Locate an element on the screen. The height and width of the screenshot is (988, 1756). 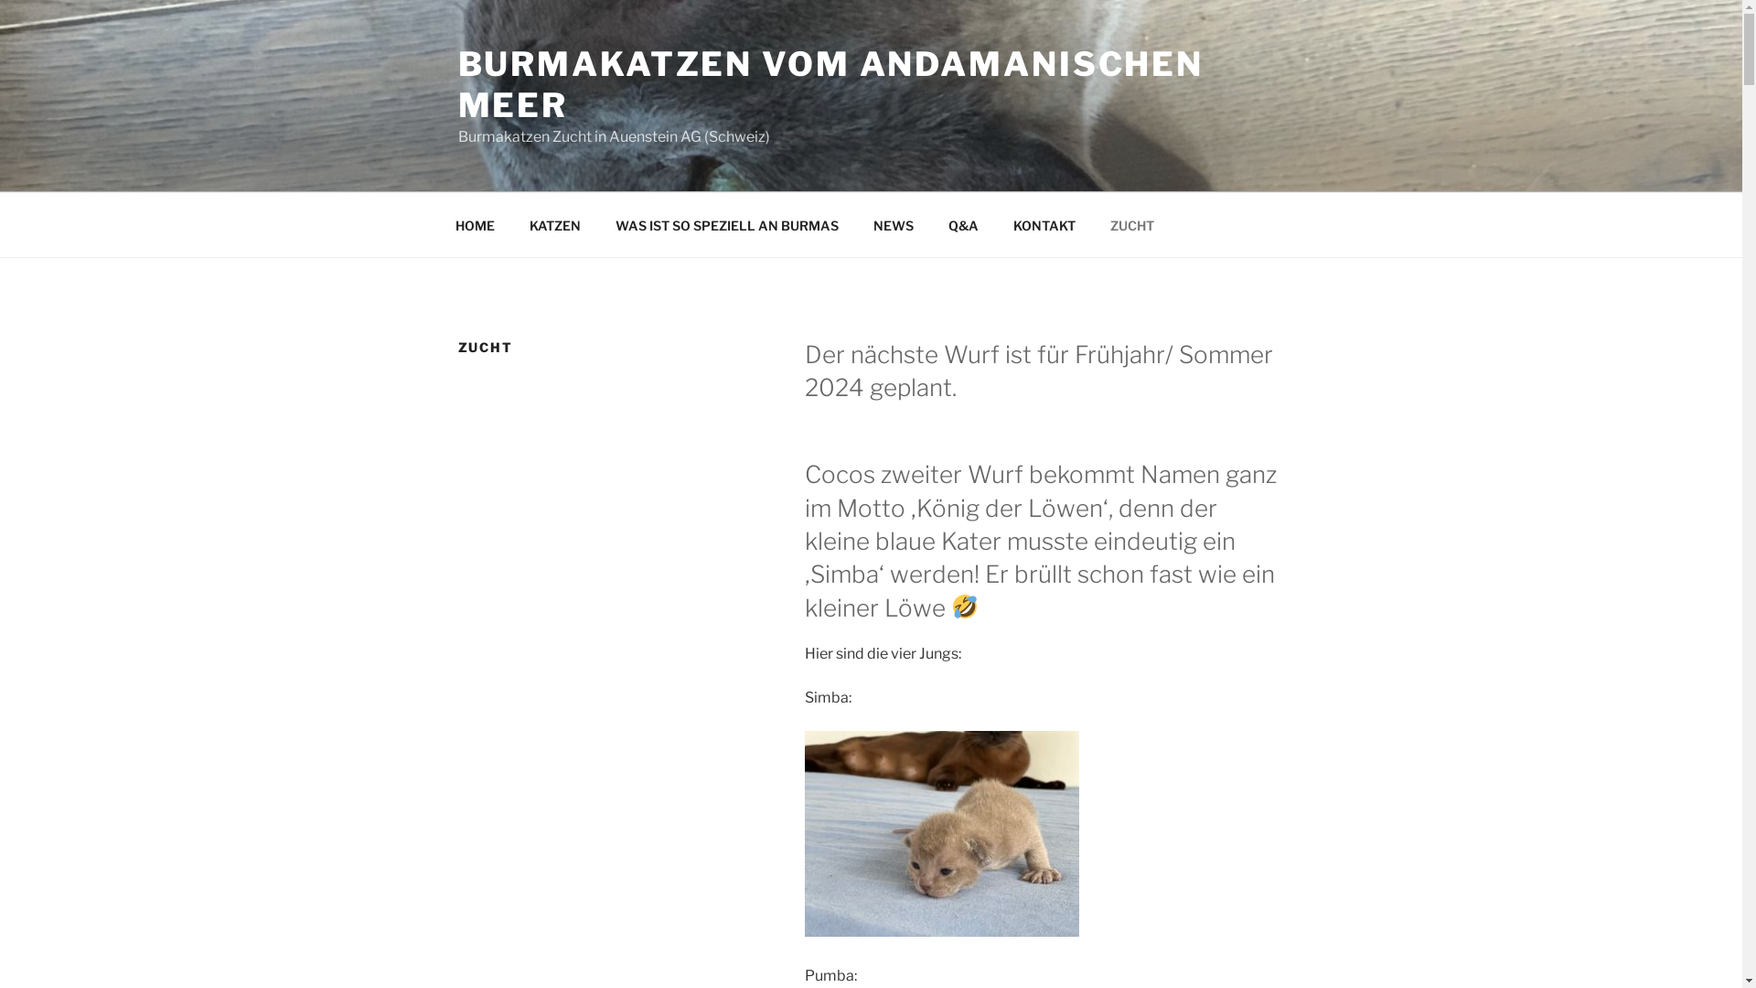
'WAS IST SO SPEZIELL AN BURMAS' is located at coordinates (726, 224).